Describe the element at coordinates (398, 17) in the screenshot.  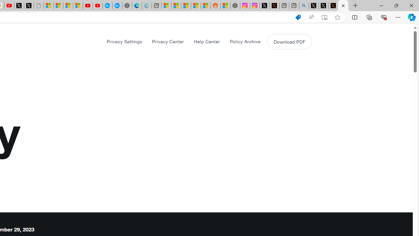
I see `'Settings and more (Alt+F)'` at that location.